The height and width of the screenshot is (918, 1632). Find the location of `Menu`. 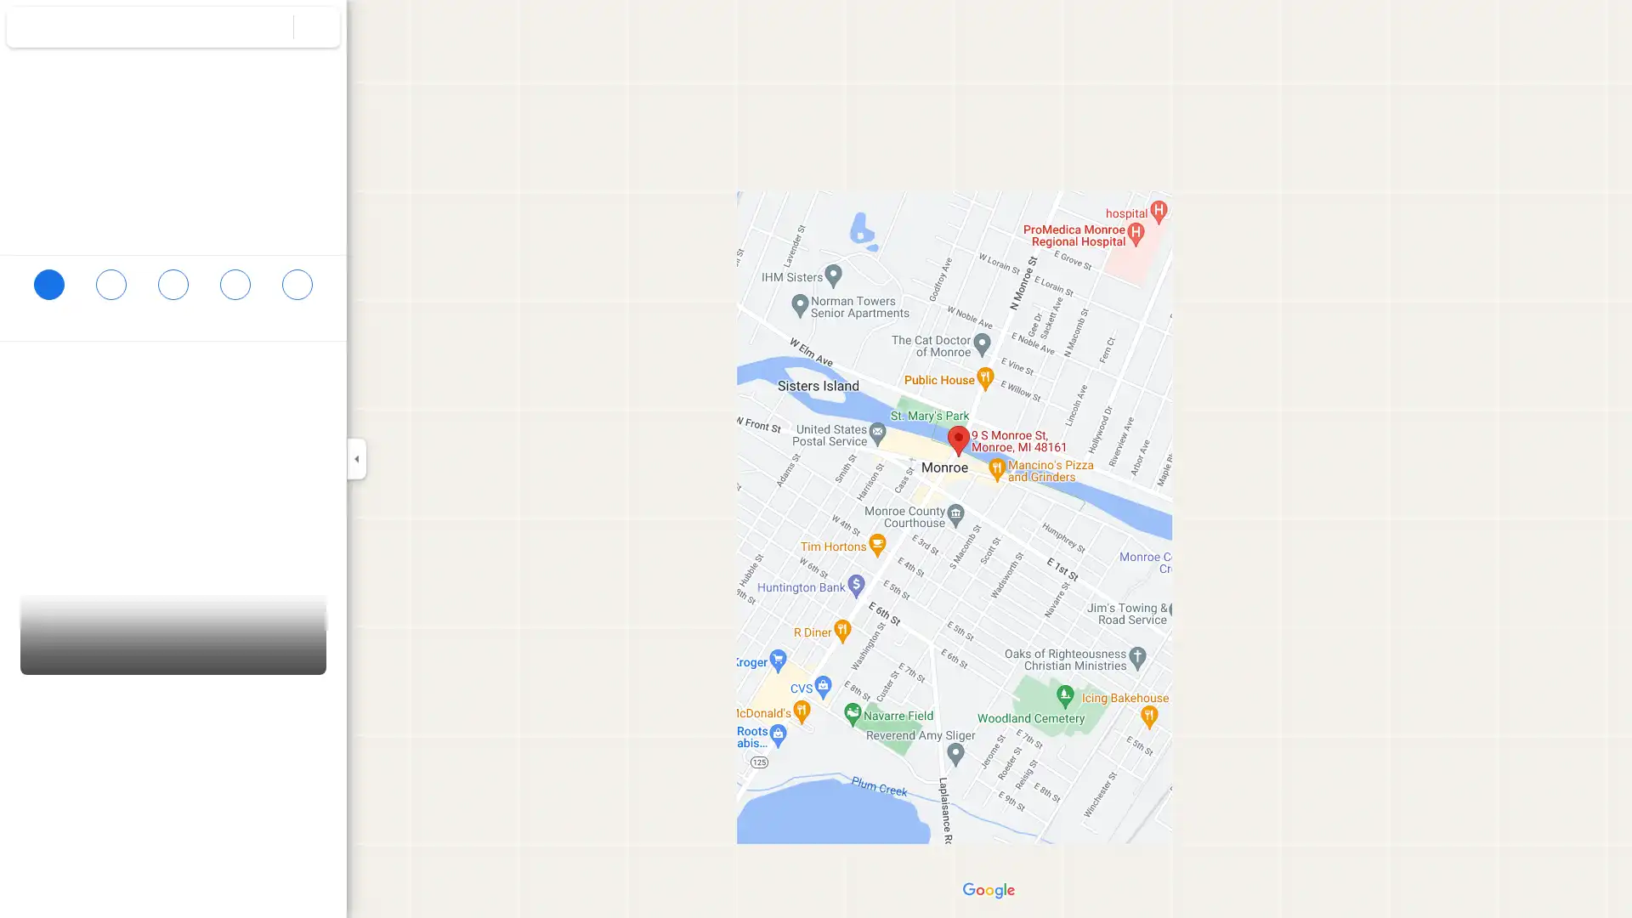

Menu is located at coordinates (30, 29).